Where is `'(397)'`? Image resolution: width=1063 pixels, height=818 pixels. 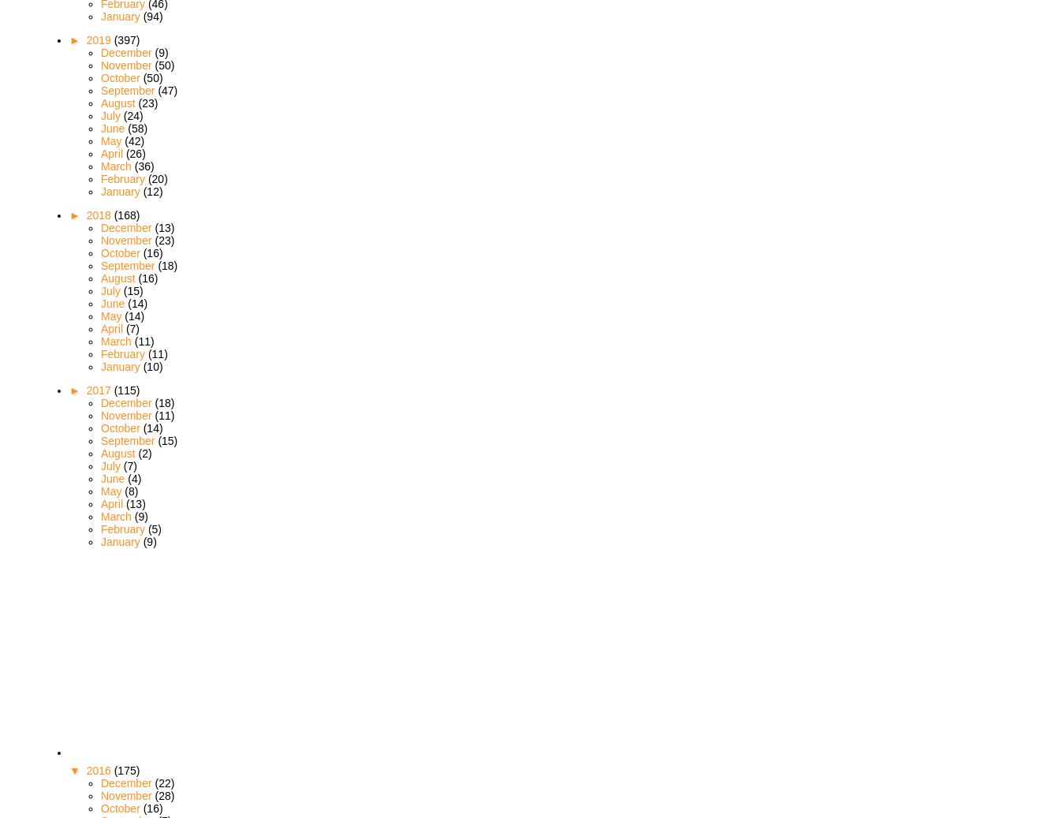 '(397)' is located at coordinates (125, 38).